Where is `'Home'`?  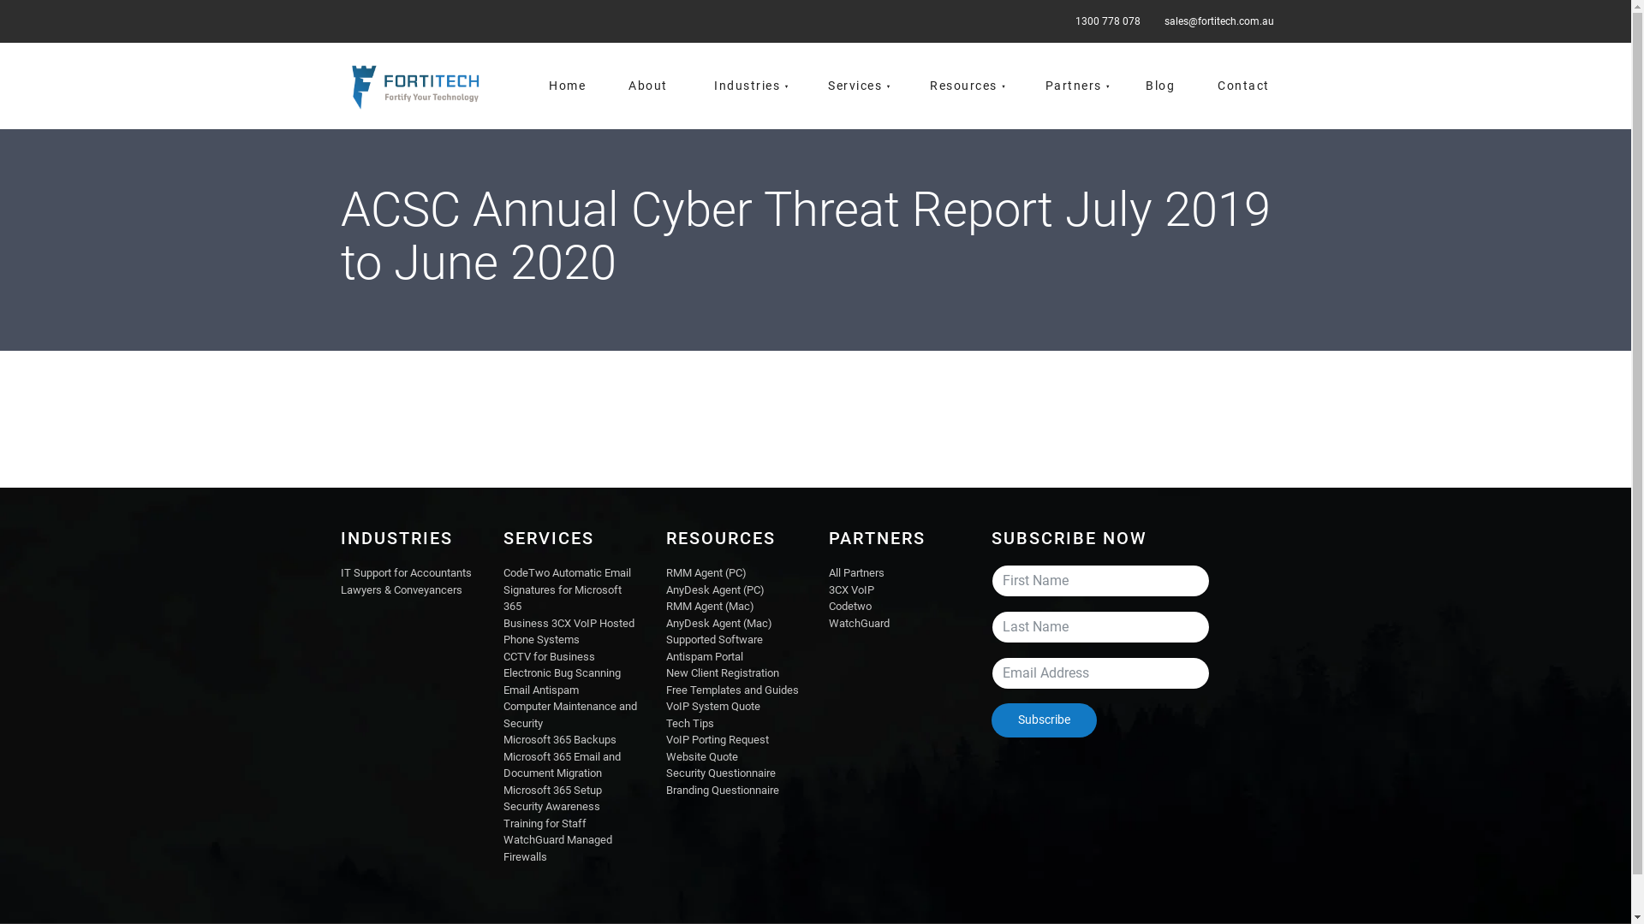
'Home' is located at coordinates (567, 86).